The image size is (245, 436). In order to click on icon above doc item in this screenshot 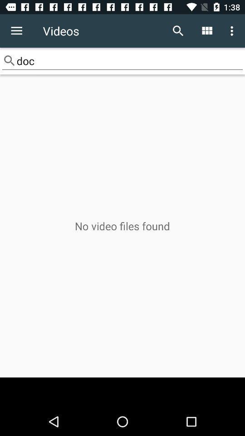, I will do `click(233, 31)`.